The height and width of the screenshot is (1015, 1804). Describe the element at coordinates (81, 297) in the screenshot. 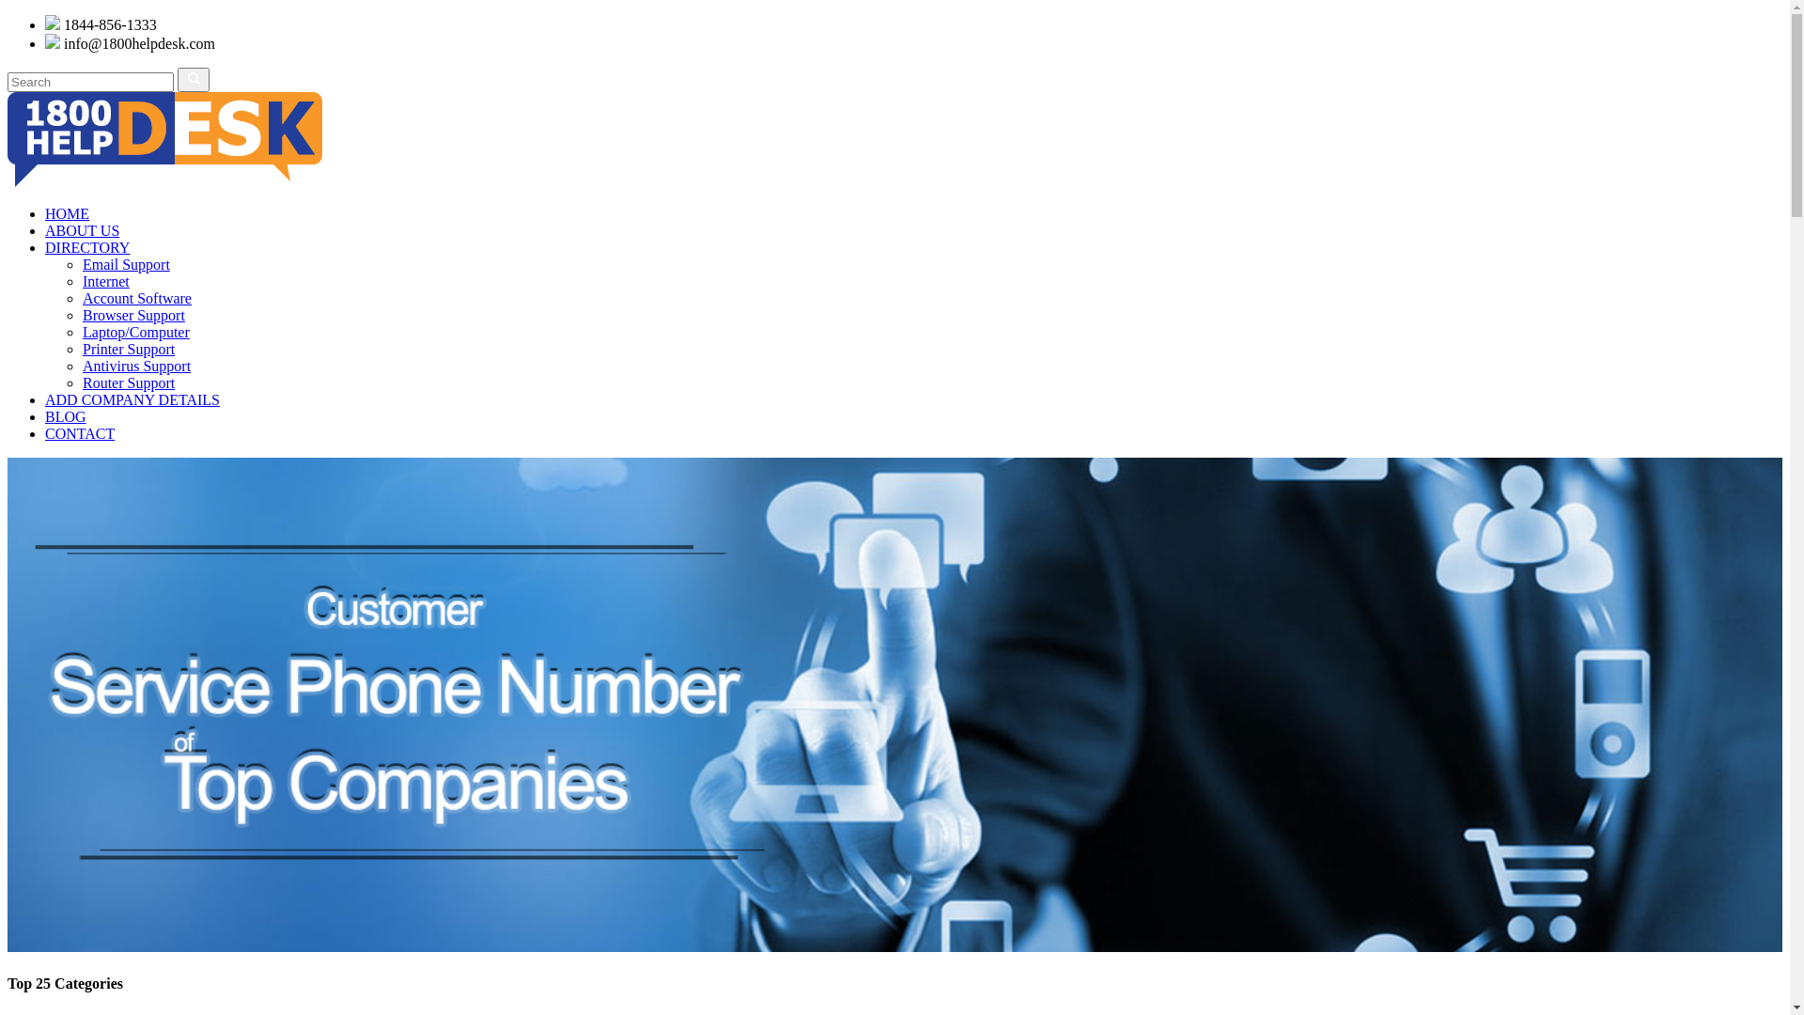

I see `'Account Software'` at that location.